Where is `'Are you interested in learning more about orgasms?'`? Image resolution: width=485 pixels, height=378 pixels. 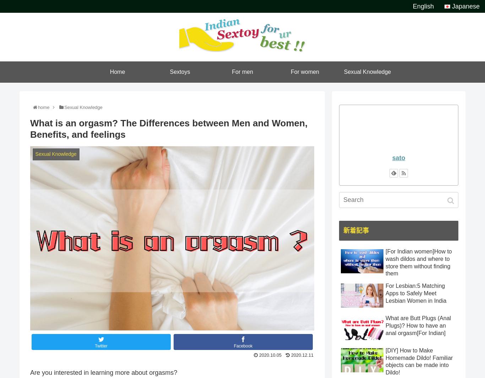
'Are you interested in learning more about orgasms?' is located at coordinates (30, 372).